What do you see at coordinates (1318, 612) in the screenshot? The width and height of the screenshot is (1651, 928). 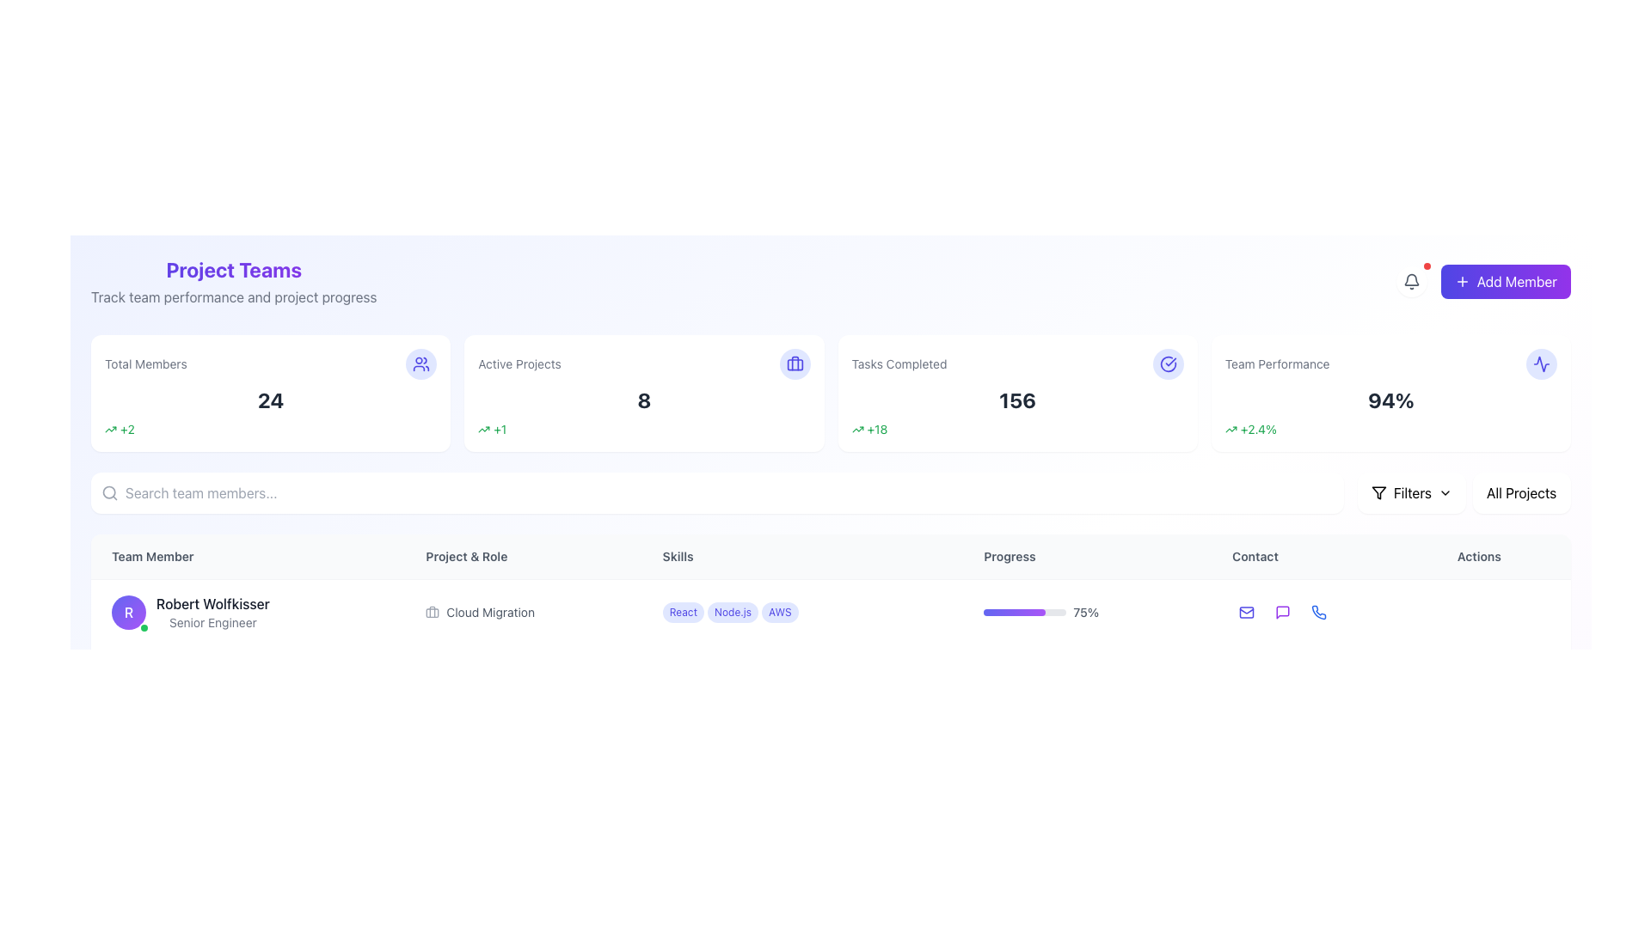 I see `the phone icon with a blue stroke` at bounding box center [1318, 612].